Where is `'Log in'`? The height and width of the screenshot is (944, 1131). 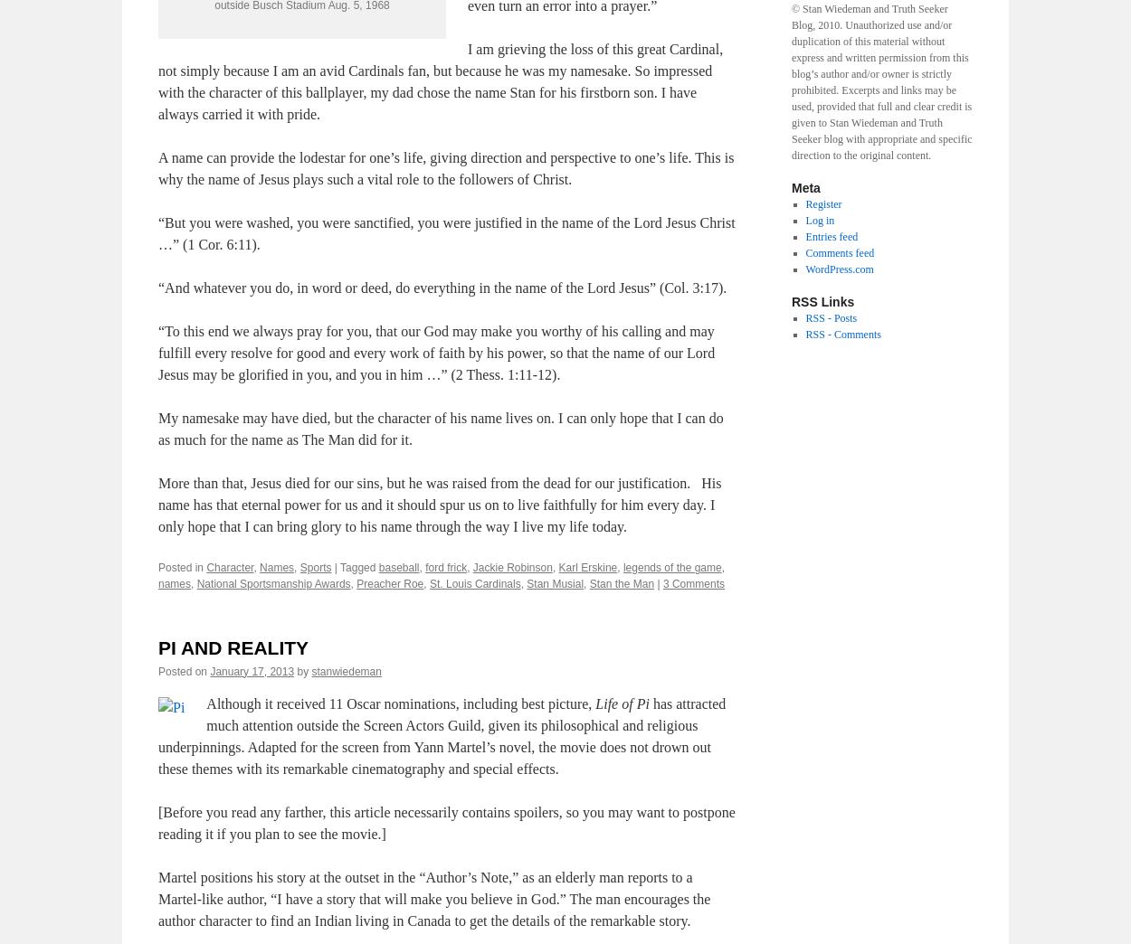
'Log in' is located at coordinates (820, 220).